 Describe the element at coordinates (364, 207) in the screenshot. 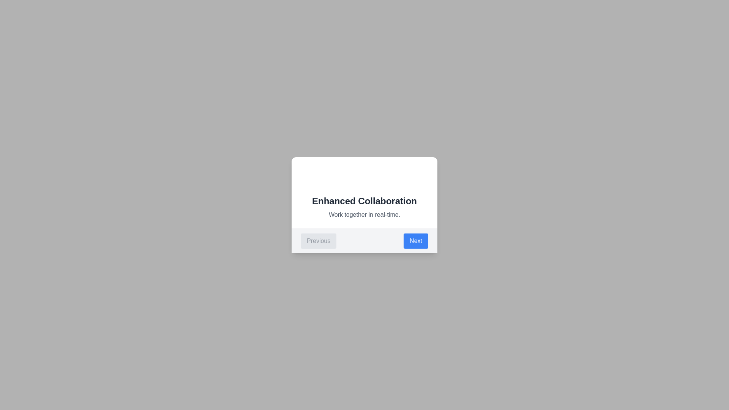

I see `the textual display component that includes the header 'Enhanced Collaboration' and the description 'Work together in real-time.'` at that location.